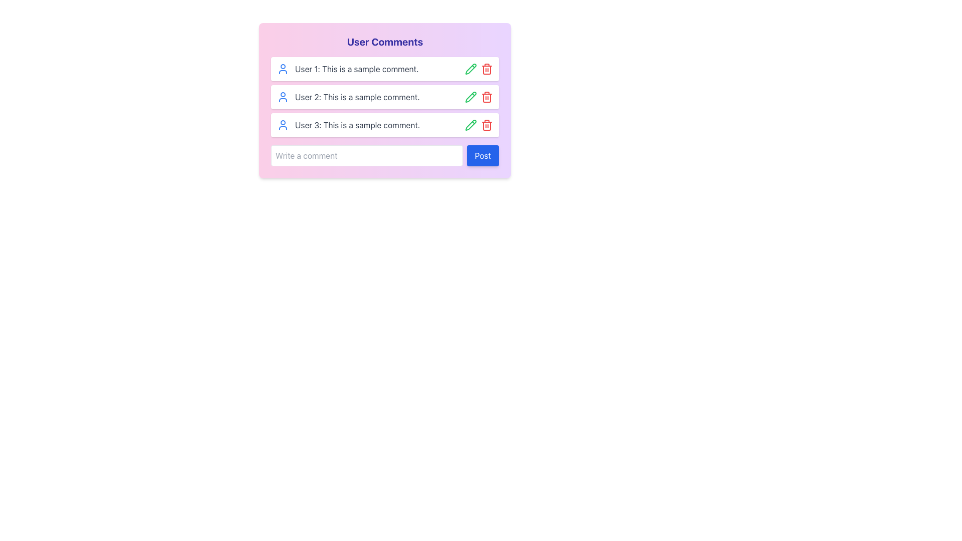 The width and height of the screenshot is (962, 541). Describe the element at coordinates (478, 125) in the screenshot. I see `the red delete icon located at the far right of the comment item labeled 'User 3: This is a sample comment.'` at that location.